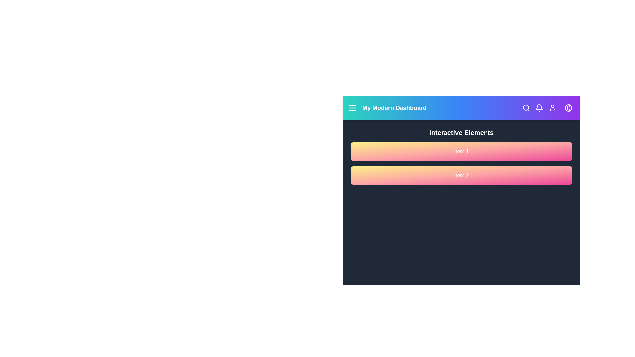  I want to click on the text 'Interactive Elements' to highlight it, so click(461, 133).